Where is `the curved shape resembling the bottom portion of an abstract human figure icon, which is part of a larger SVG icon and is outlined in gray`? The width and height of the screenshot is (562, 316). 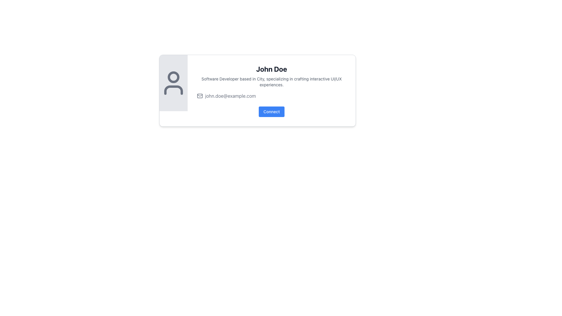
the curved shape resembling the bottom portion of an abstract human figure icon, which is part of a larger SVG icon and is outlined in gray is located at coordinates (173, 90).